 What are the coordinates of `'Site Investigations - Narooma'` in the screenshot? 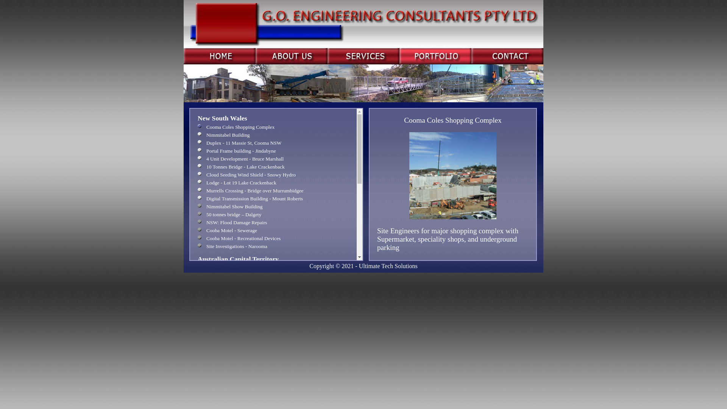 It's located at (198, 247).